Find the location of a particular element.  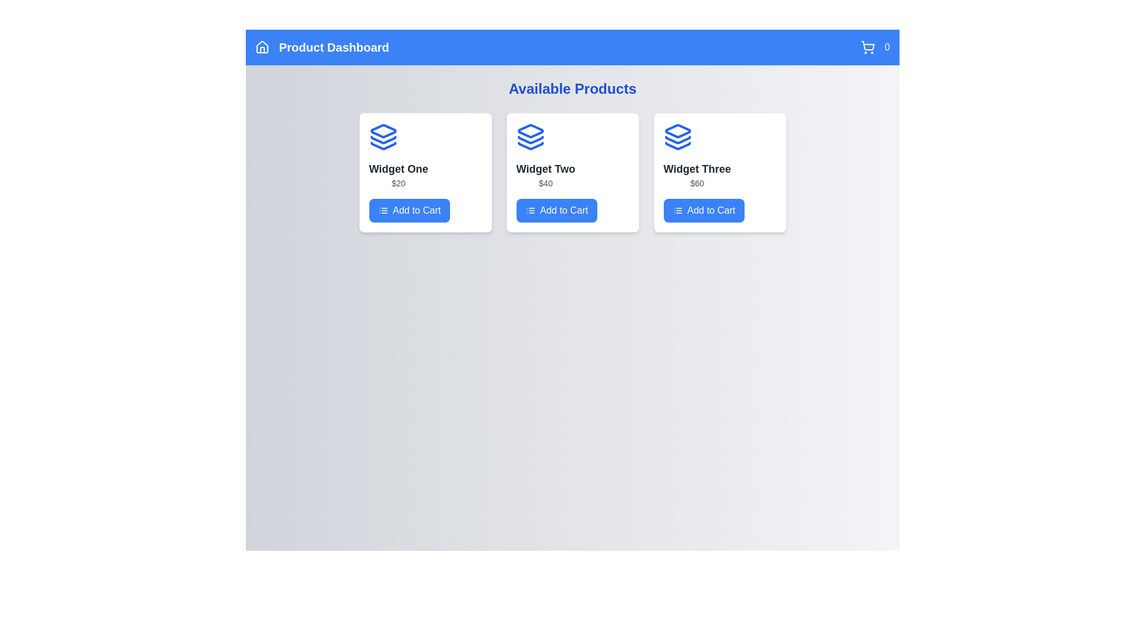

the add-to-cart button located at the bottom-central section of the 'Widget One $20' card for accessibility navigation is located at coordinates (410, 210).